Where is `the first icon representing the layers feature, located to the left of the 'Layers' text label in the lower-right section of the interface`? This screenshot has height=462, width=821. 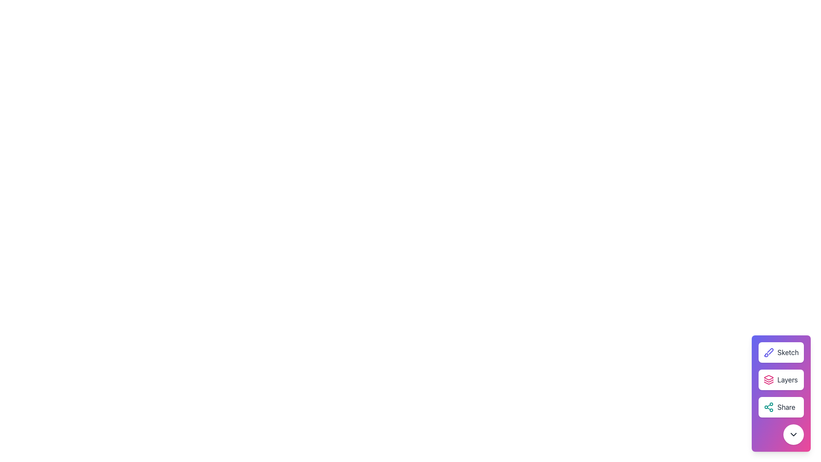
the first icon representing the layers feature, located to the left of the 'Layers' text label in the lower-right section of the interface is located at coordinates (769, 379).